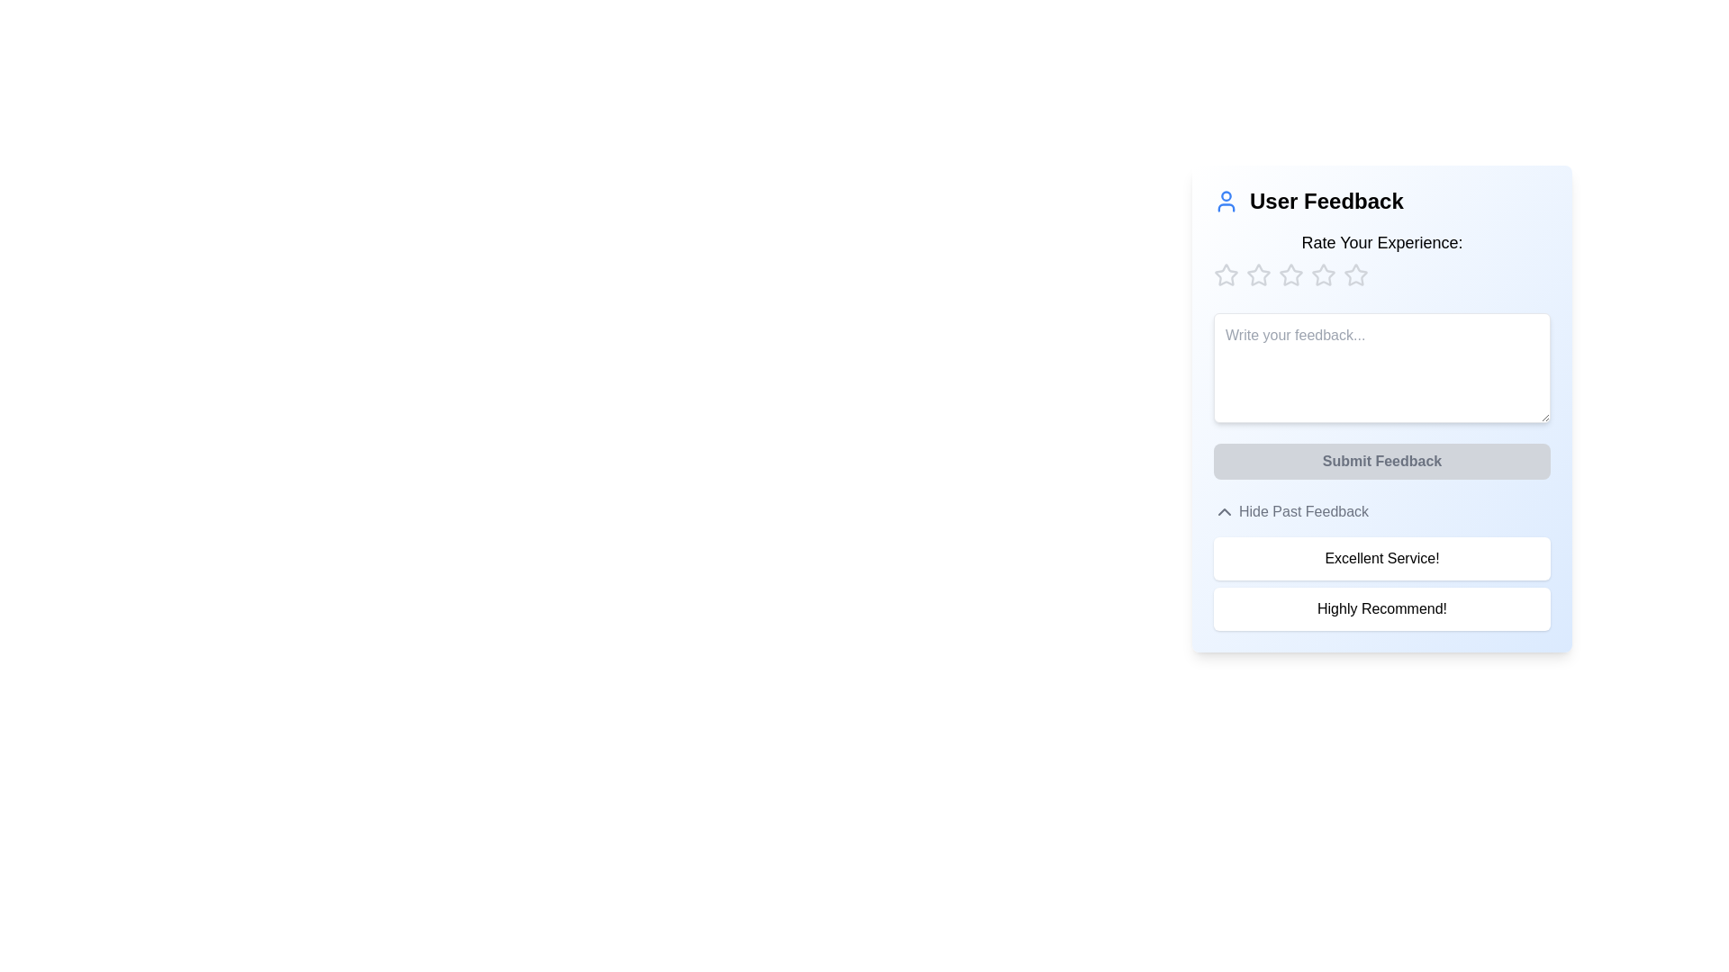 This screenshot has height=972, width=1729. I want to click on the first star icon in the rating system located below the 'Rate Your Experience' label in the 'User Feedback' section, so click(1226, 274).